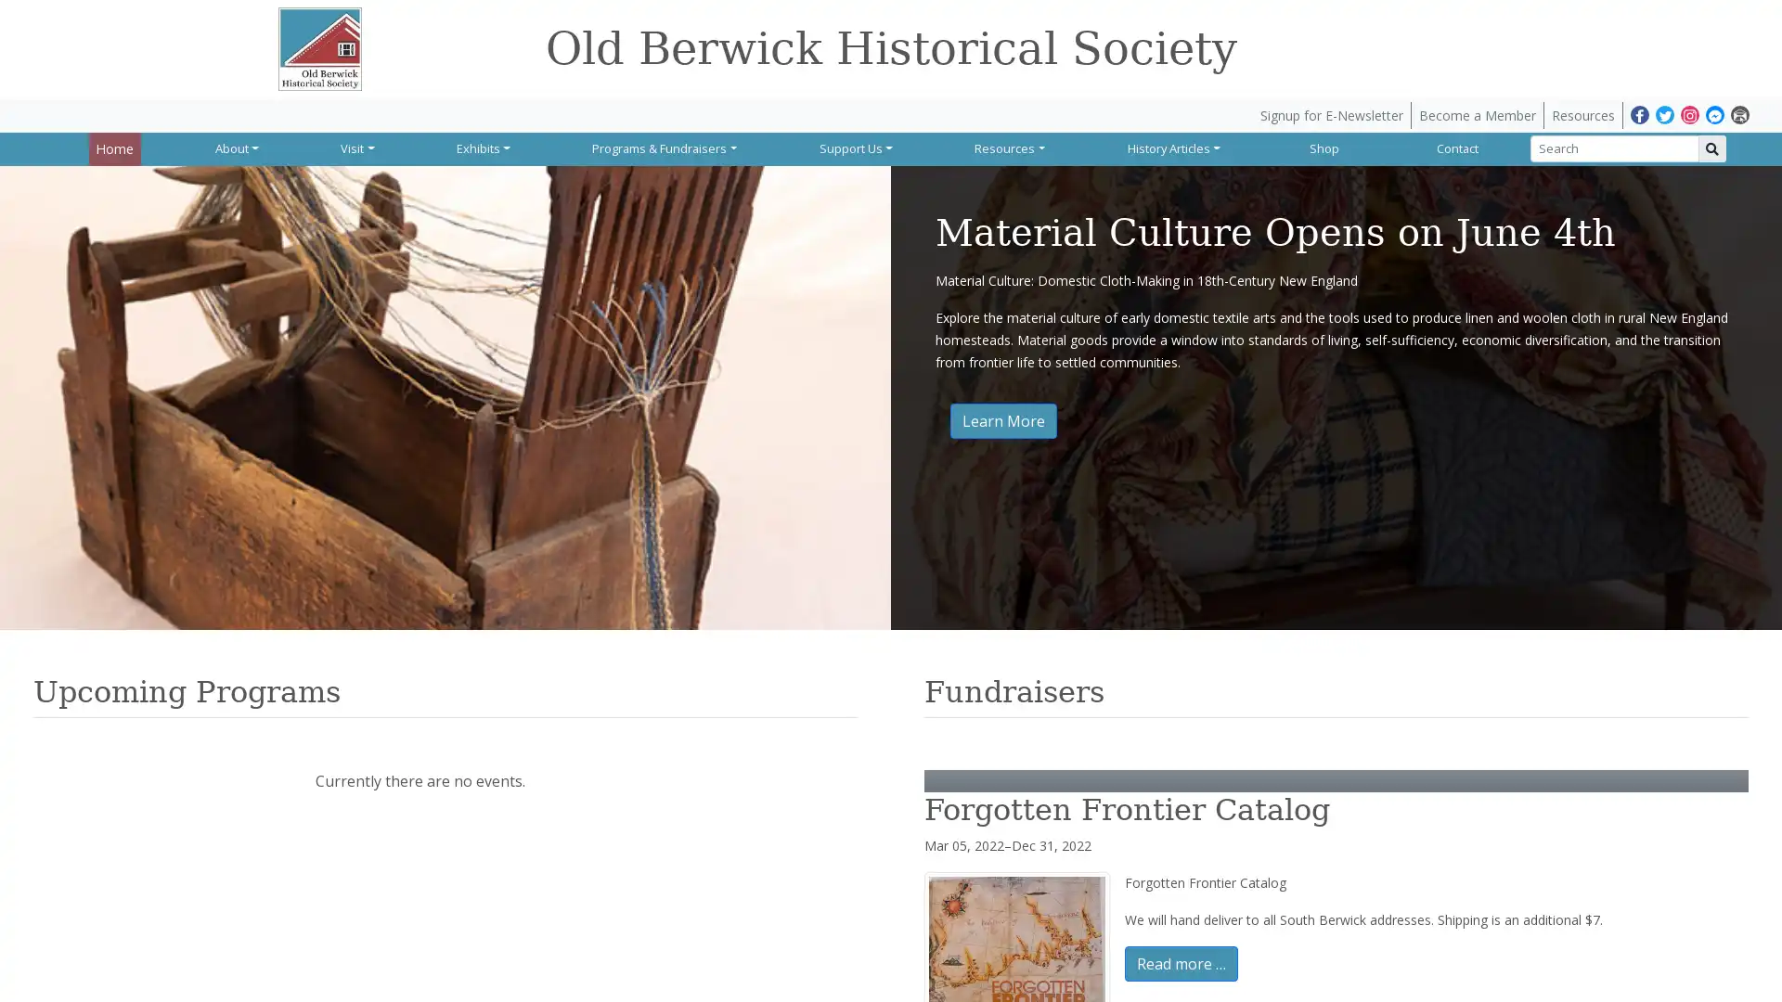  Describe the element at coordinates (1009, 147) in the screenshot. I see `Resources` at that location.